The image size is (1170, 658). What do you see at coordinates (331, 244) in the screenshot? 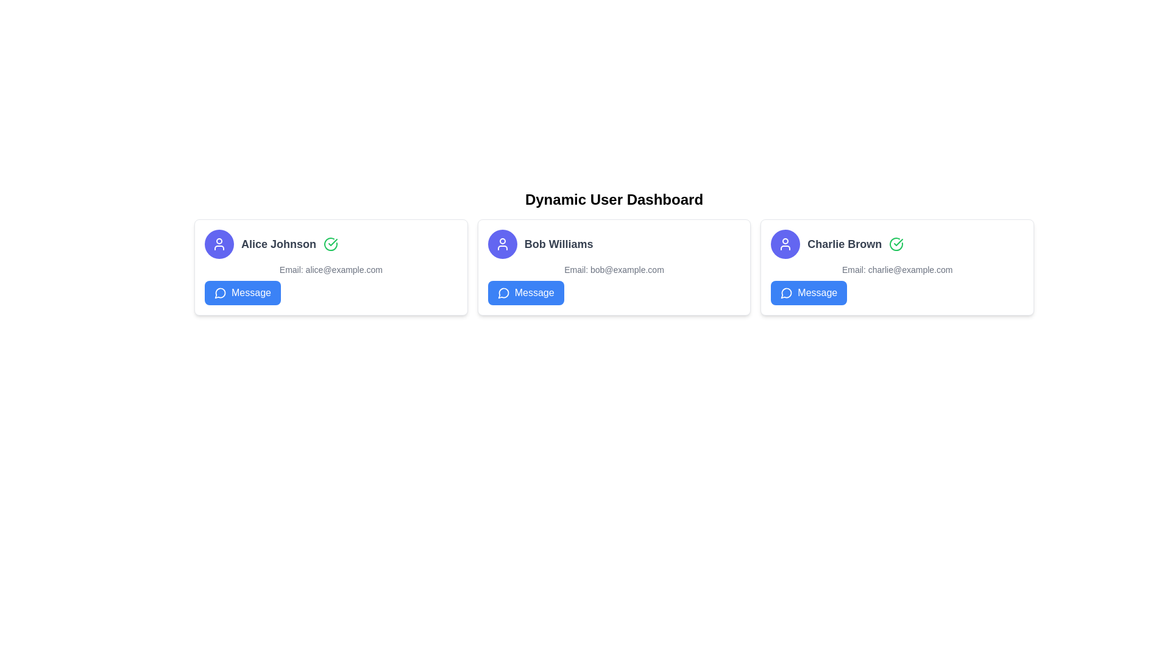
I see `the Label displaying 'Alice Johnson' with a green checkmark icon and a circular purple background containing a white user icon, located at the top of the user detail card` at bounding box center [331, 244].